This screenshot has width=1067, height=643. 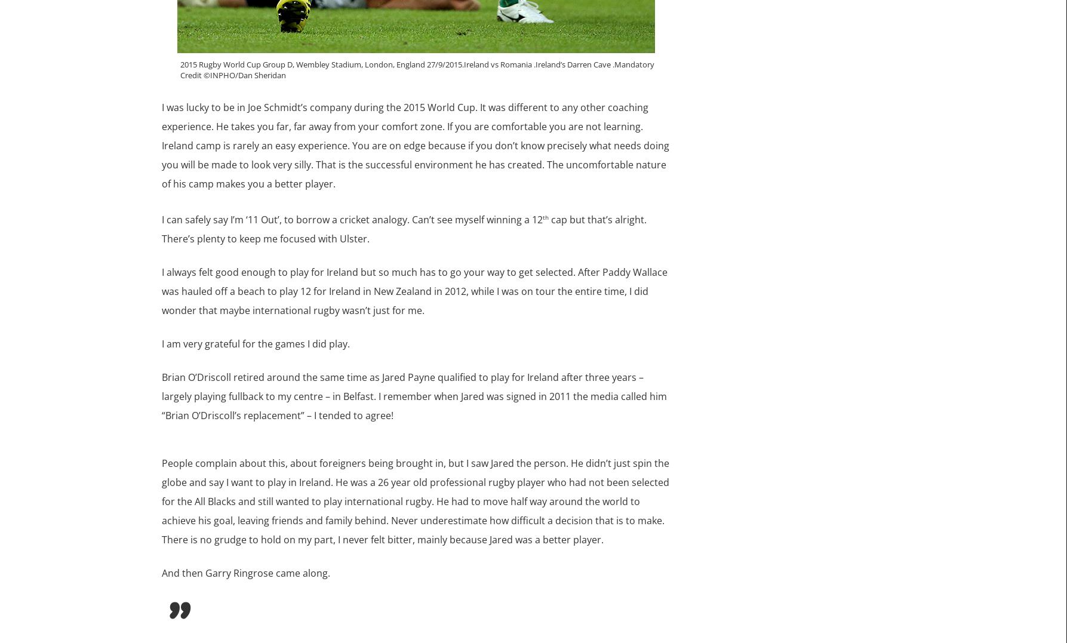 I want to click on 'I was lucky to be in Joe Schmidt’s company during the 2015 World Cup. It was different to any other coaching experience. He takes you far, far away from your comfort zone. If you are comfortable you are not learning. Ireland camp is rarely an easy experience. You are on edge because if you don’t know precisely what needs doing you will be made to look very silly. That is the successful environment he has created. The uncomfortable nature of his camp makes you a better player.', so click(x=414, y=146).